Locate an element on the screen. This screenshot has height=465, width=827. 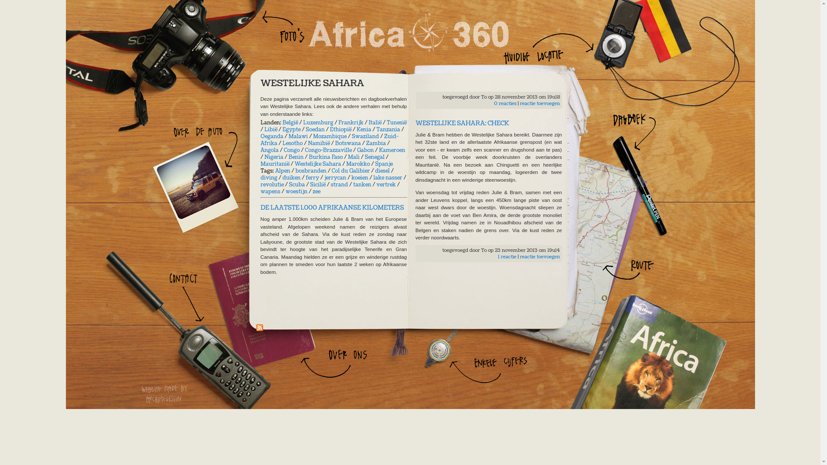
'Home' is located at coordinates (407, 31).